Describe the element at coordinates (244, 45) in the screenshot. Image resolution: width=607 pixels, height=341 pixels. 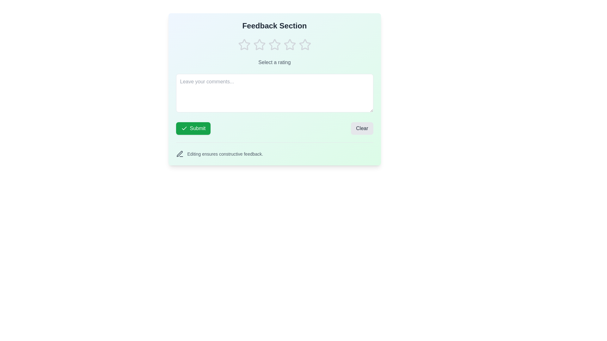
I see `the first star rating icon in the rating component` at that location.